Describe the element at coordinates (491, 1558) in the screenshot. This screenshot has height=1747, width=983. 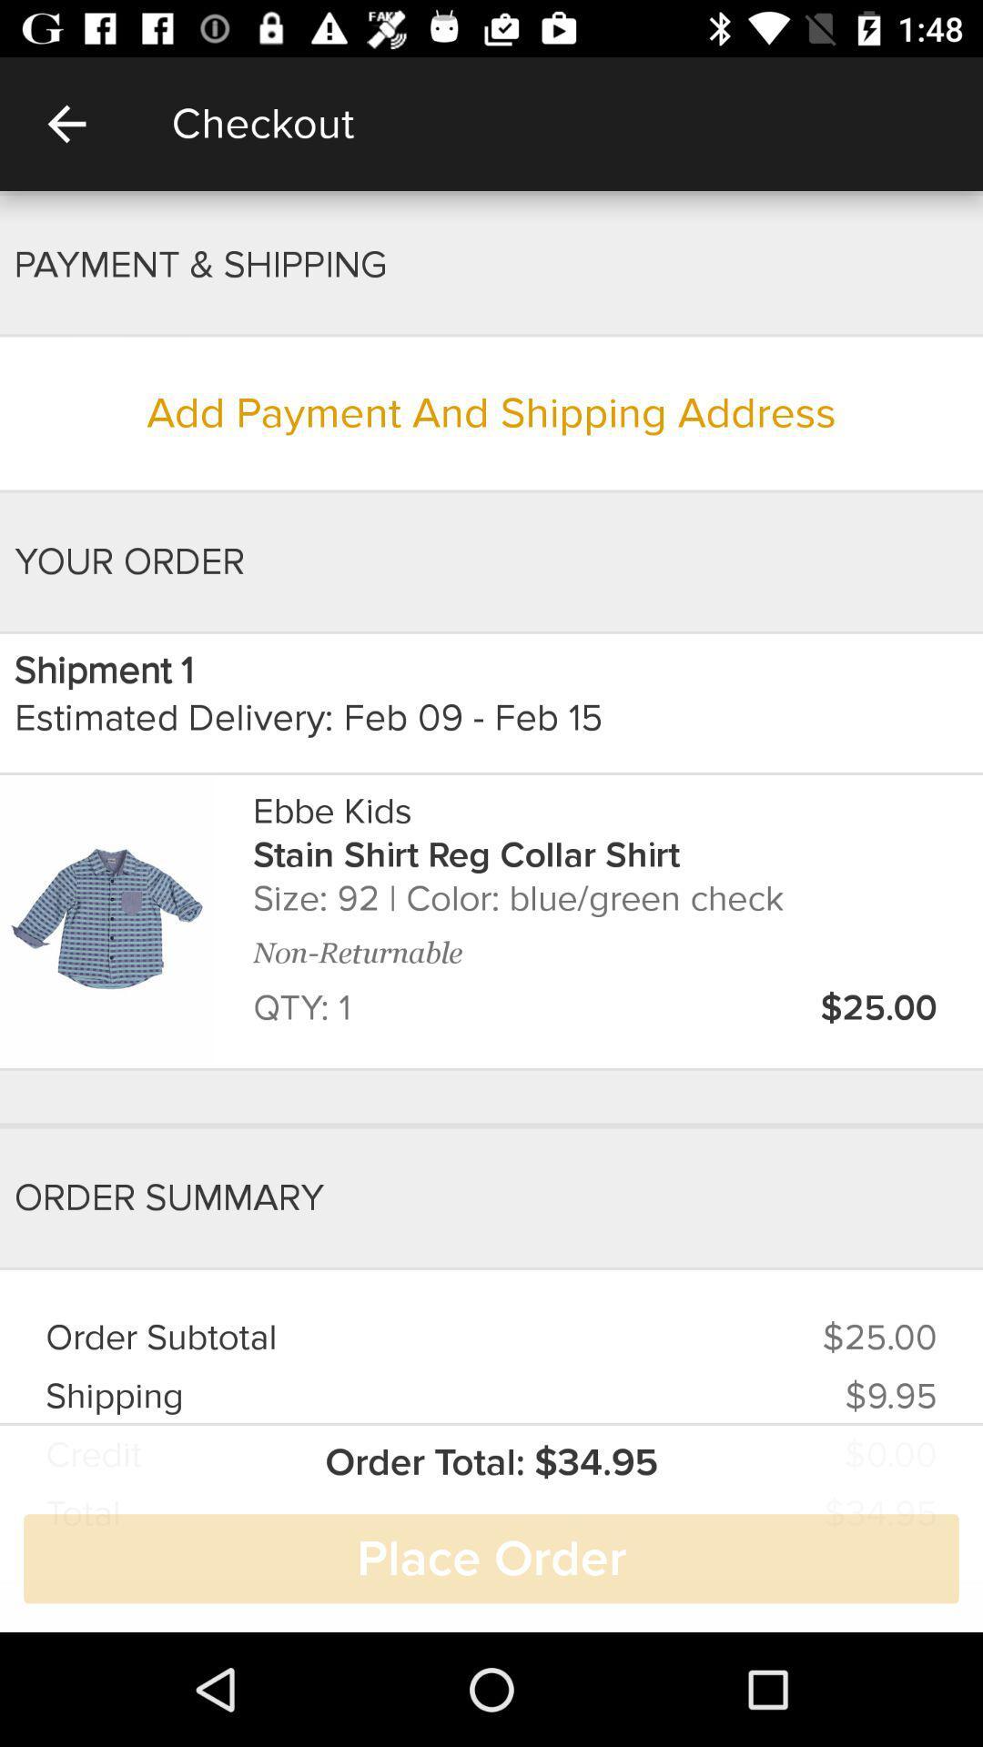
I see `the place order item` at that location.